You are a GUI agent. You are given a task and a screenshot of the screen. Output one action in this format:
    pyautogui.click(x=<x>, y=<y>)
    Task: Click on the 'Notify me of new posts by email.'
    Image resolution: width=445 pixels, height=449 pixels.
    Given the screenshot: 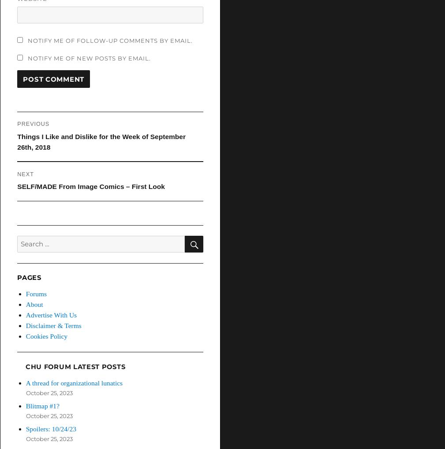 What is the action you would take?
    pyautogui.click(x=88, y=57)
    